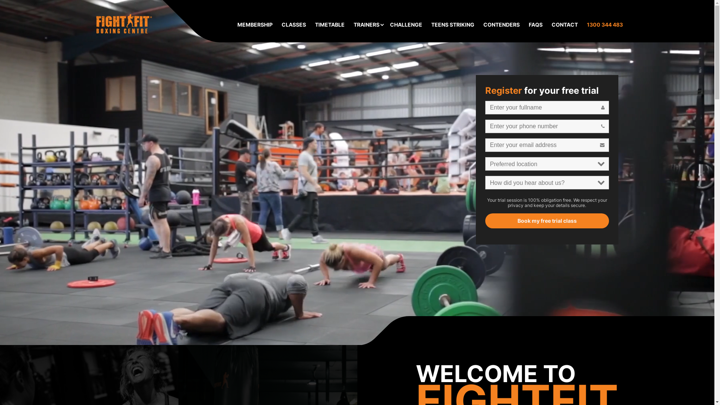 The height and width of the screenshot is (405, 720). What do you see at coordinates (280, 24) in the screenshot?
I see `'CLASSES'` at bounding box center [280, 24].